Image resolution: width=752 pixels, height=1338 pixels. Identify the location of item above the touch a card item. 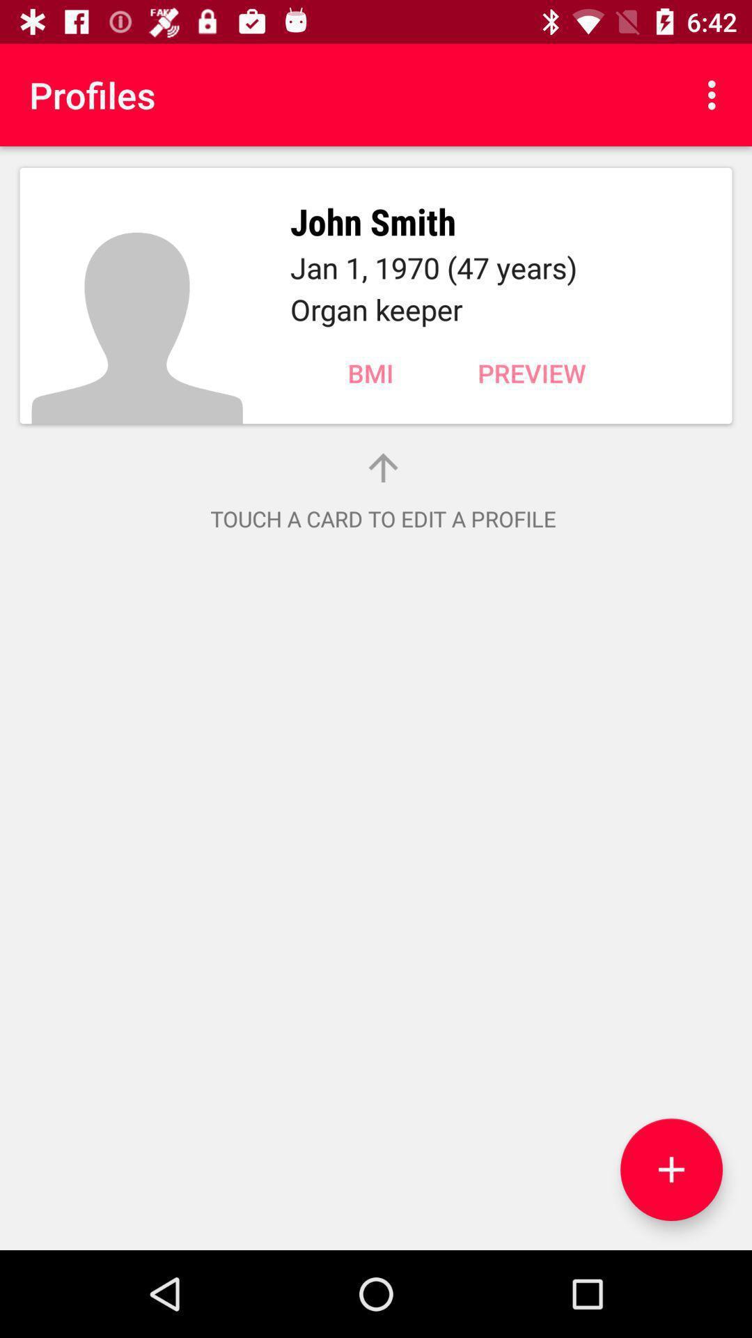
(531, 373).